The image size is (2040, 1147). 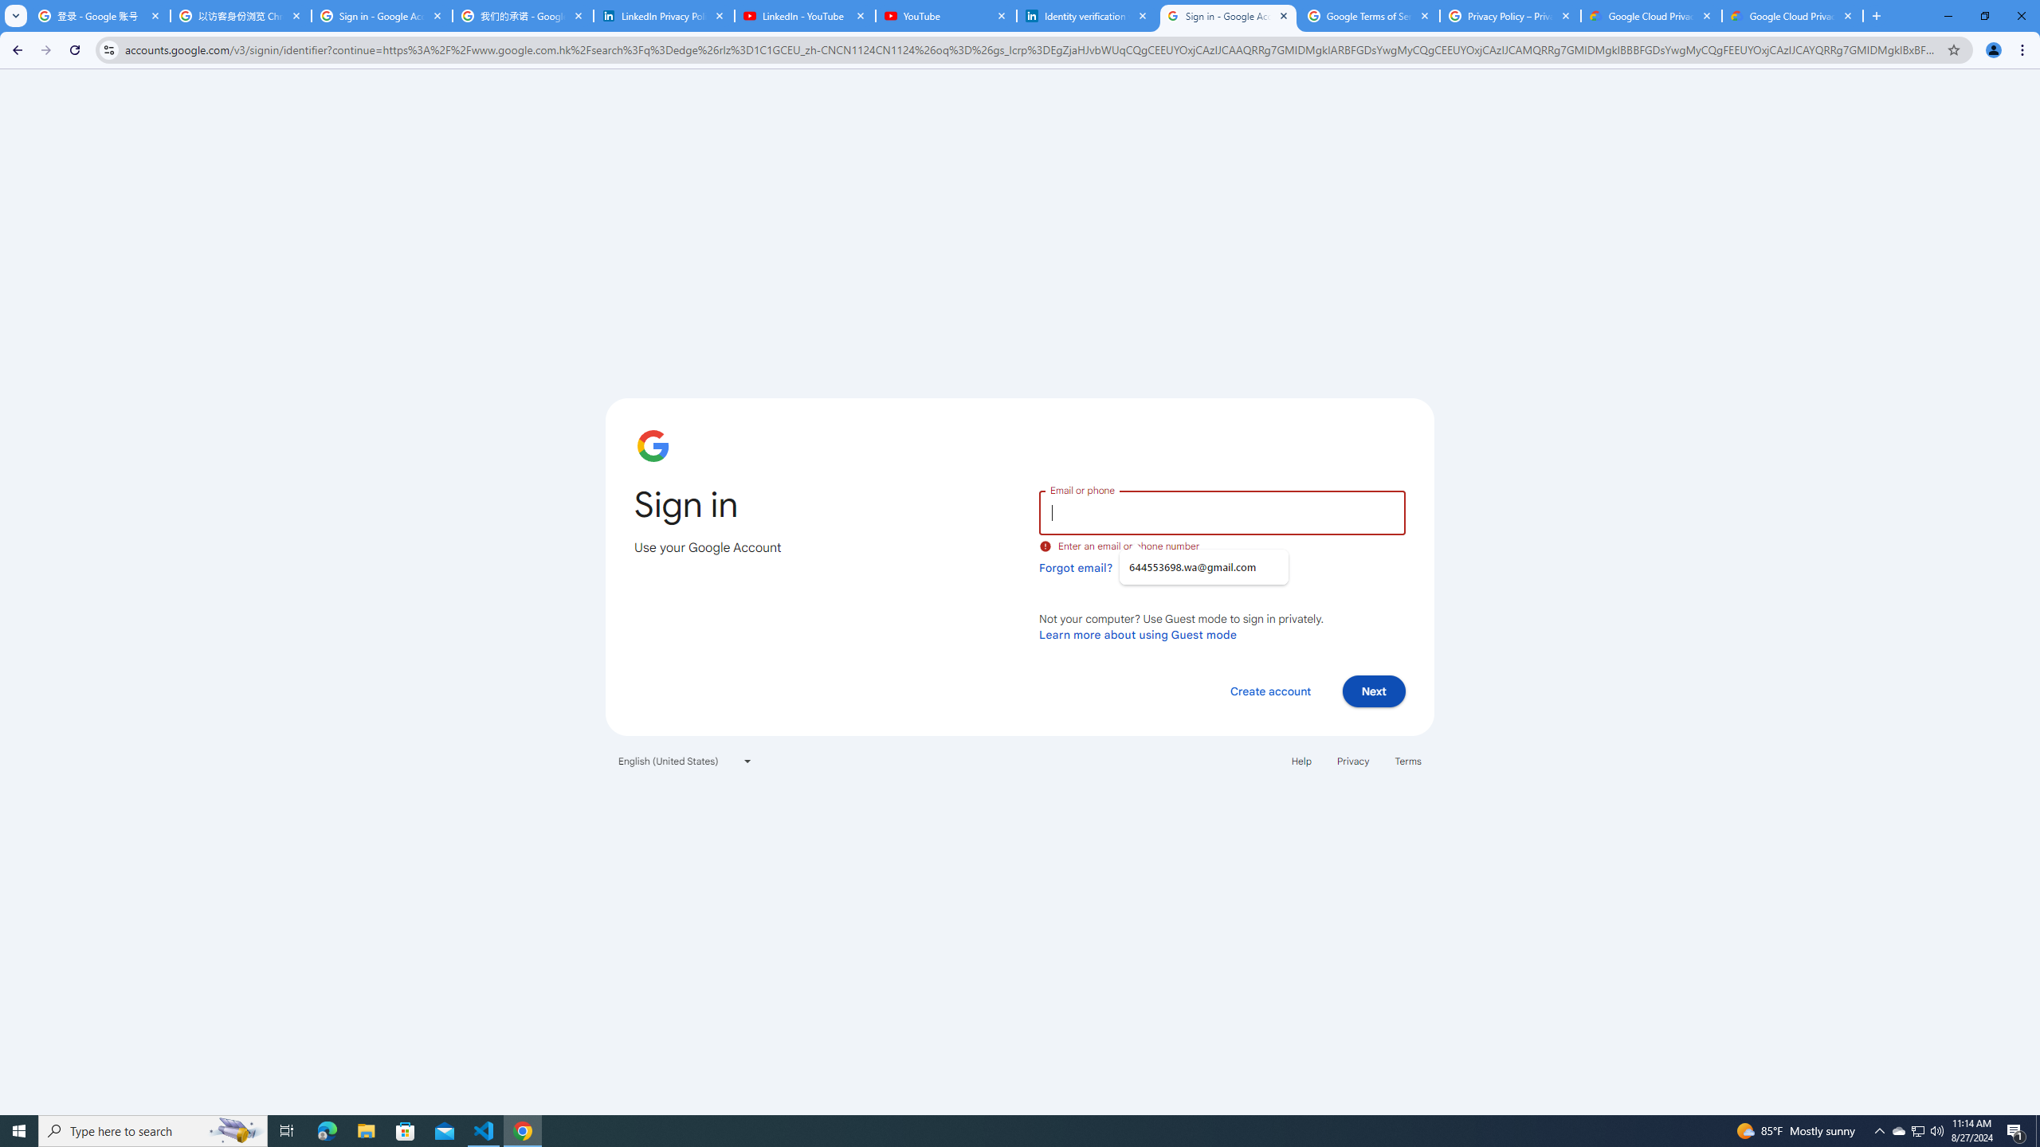 What do you see at coordinates (1227, 15) in the screenshot?
I see `'Sign in - Google Accounts'` at bounding box center [1227, 15].